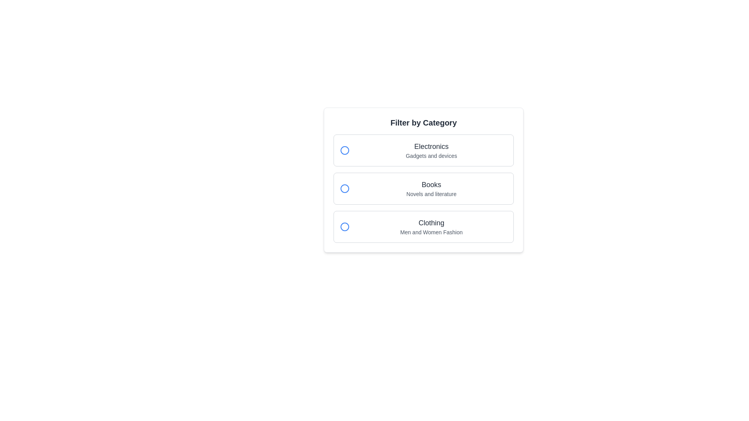  What do you see at coordinates (431, 150) in the screenshot?
I see `text information displayed in the 'Electronics' category title and description, located within the topmost list item of the category selection interface` at bounding box center [431, 150].